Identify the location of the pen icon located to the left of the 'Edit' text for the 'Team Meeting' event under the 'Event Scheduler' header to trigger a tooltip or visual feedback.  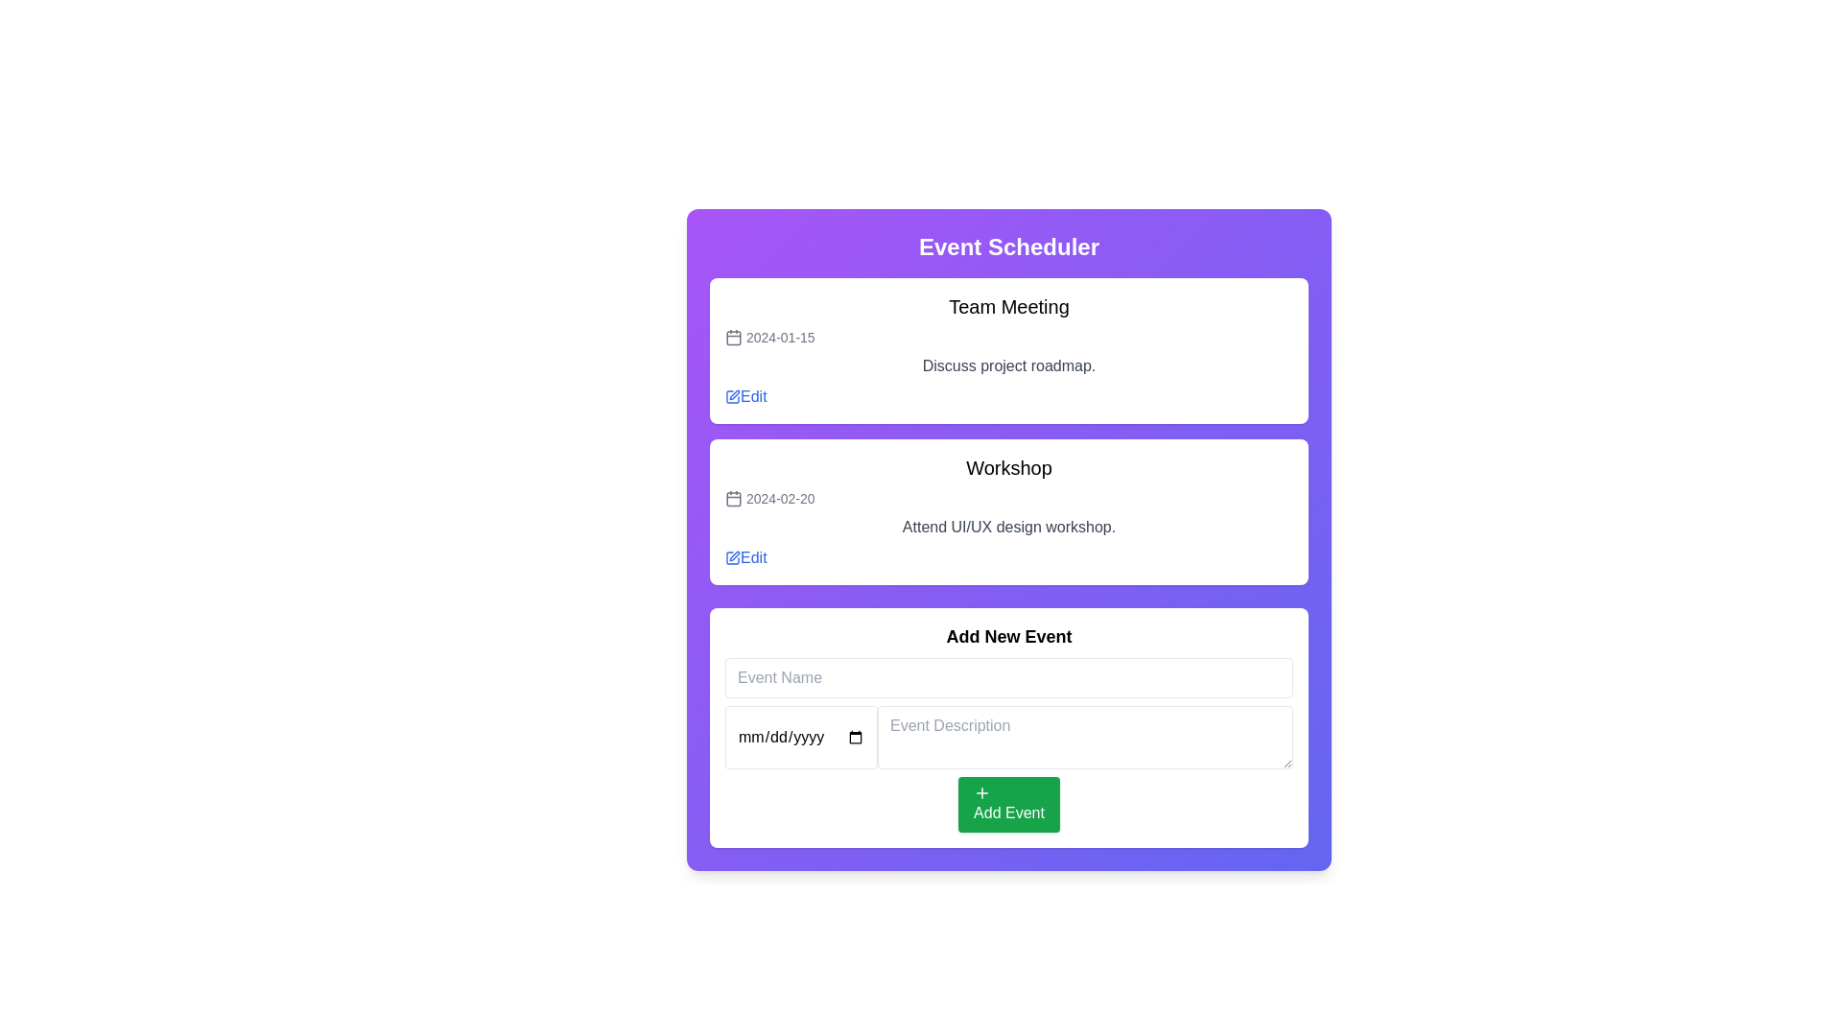
(731, 395).